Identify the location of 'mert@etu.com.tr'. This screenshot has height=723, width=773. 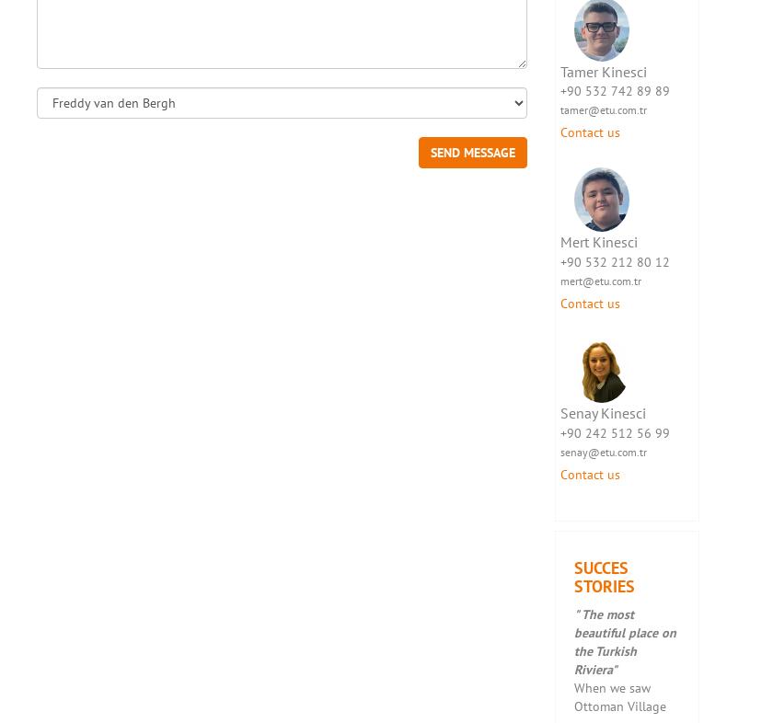
(559, 281).